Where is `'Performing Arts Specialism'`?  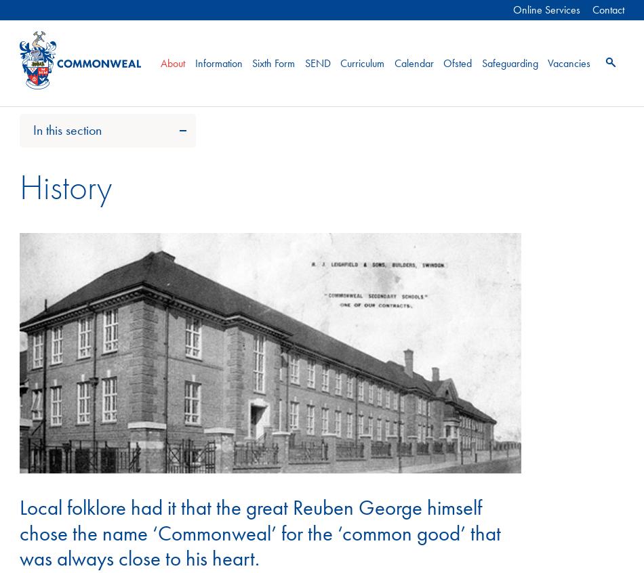
'Performing Arts Specialism' is located at coordinates (94, 251).